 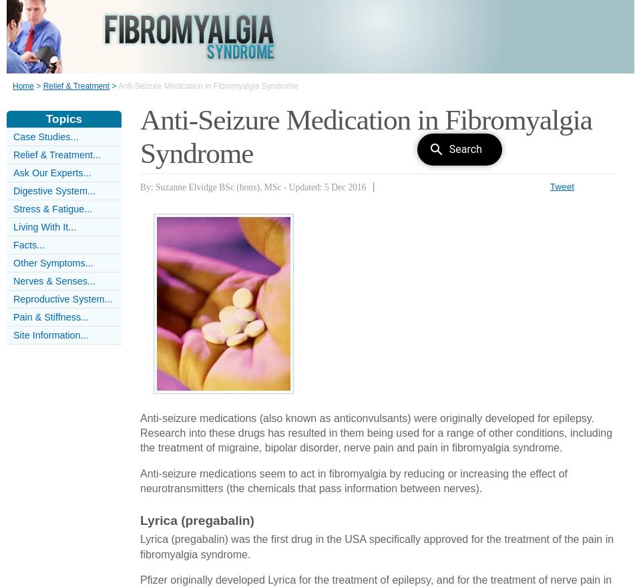 What do you see at coordinates (52, 172) in the screenshot?
I see `'Ask Our Experts...'` at bounding box center [52, 172].